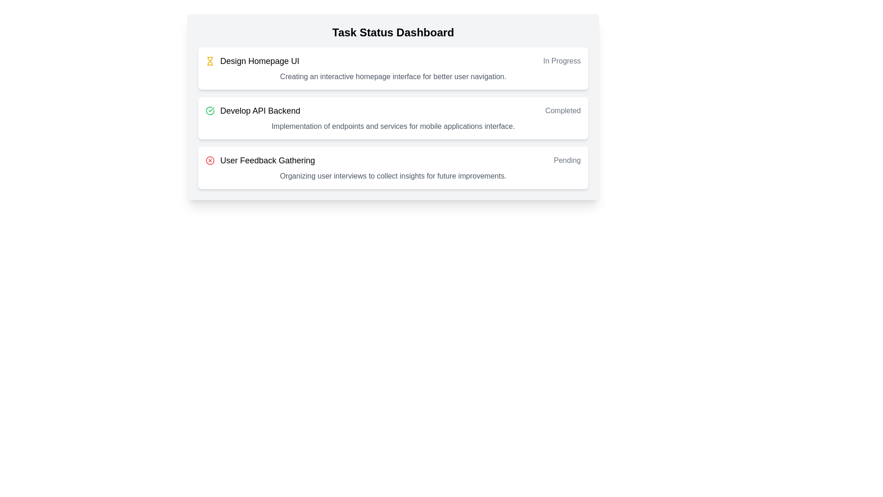 The height and width of the screenshot is (497, 883). What do you see at coordinates (393, 176) in the screenshot?
I see `the static text element that reads 'Organizing user interviews to collect insights for future improvements.' located below the title 'User Feedback Gathering' in the task status dashboard` at bounding box center [393, 176].